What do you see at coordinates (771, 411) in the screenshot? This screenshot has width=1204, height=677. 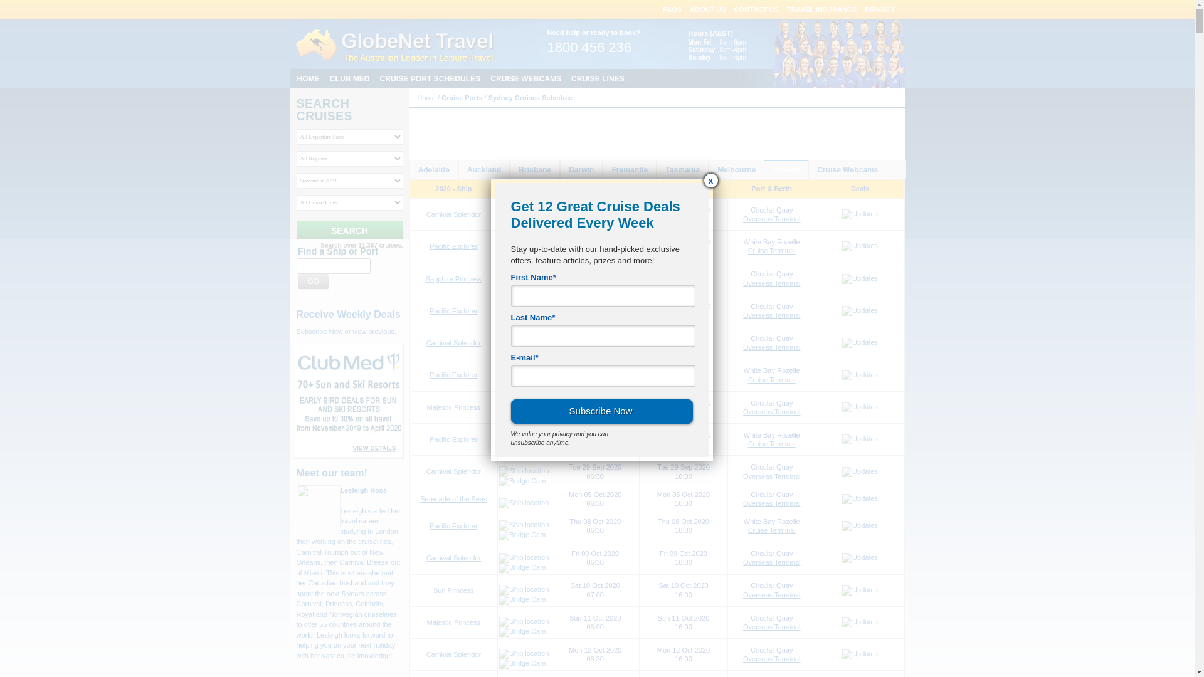 I see `'Overseas Terminal'` at bounding box center [771, 411].